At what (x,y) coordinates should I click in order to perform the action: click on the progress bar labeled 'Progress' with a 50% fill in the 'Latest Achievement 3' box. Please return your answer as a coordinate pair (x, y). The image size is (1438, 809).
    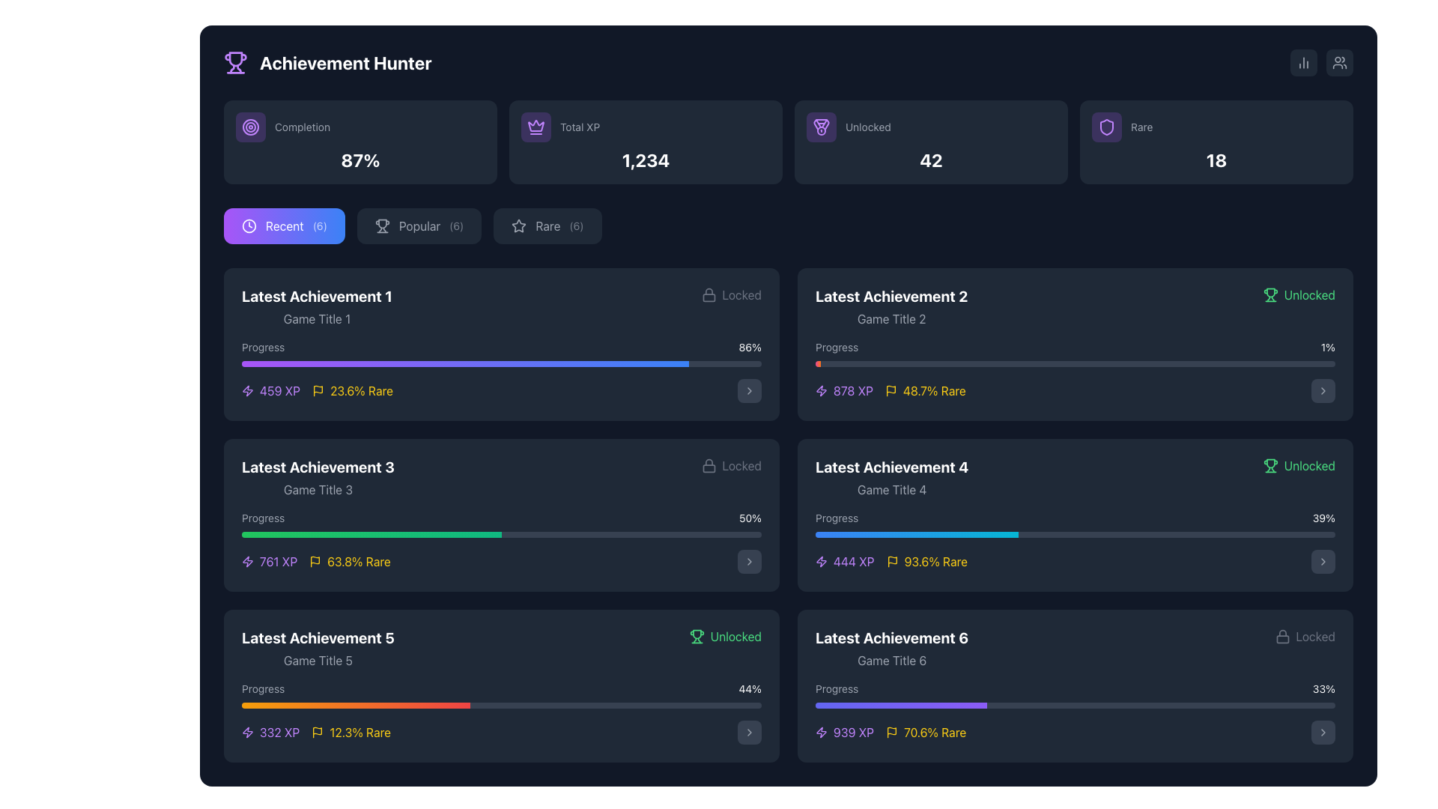
    Looking at the image, I should click on (502, 523).